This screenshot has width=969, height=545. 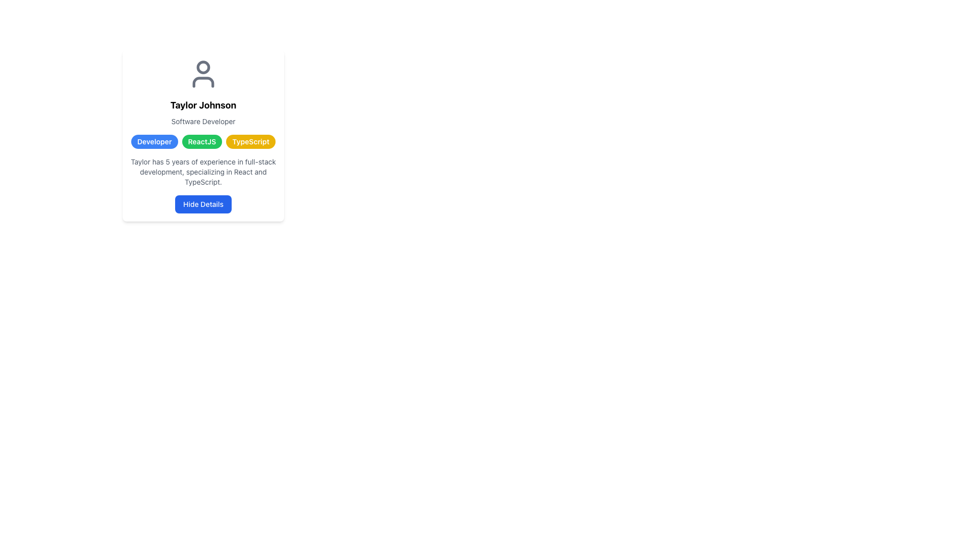 What do you see at coordinates (203, 121) in the screenshot?
I see `the static text element displaying 'Software Developer' in gray color, which is positioned below the title 'Taylor Johnson' and above the tags 'Developer,' 'ReactJS,' and 'TypeScript.'` at bounding box center [203, 121].